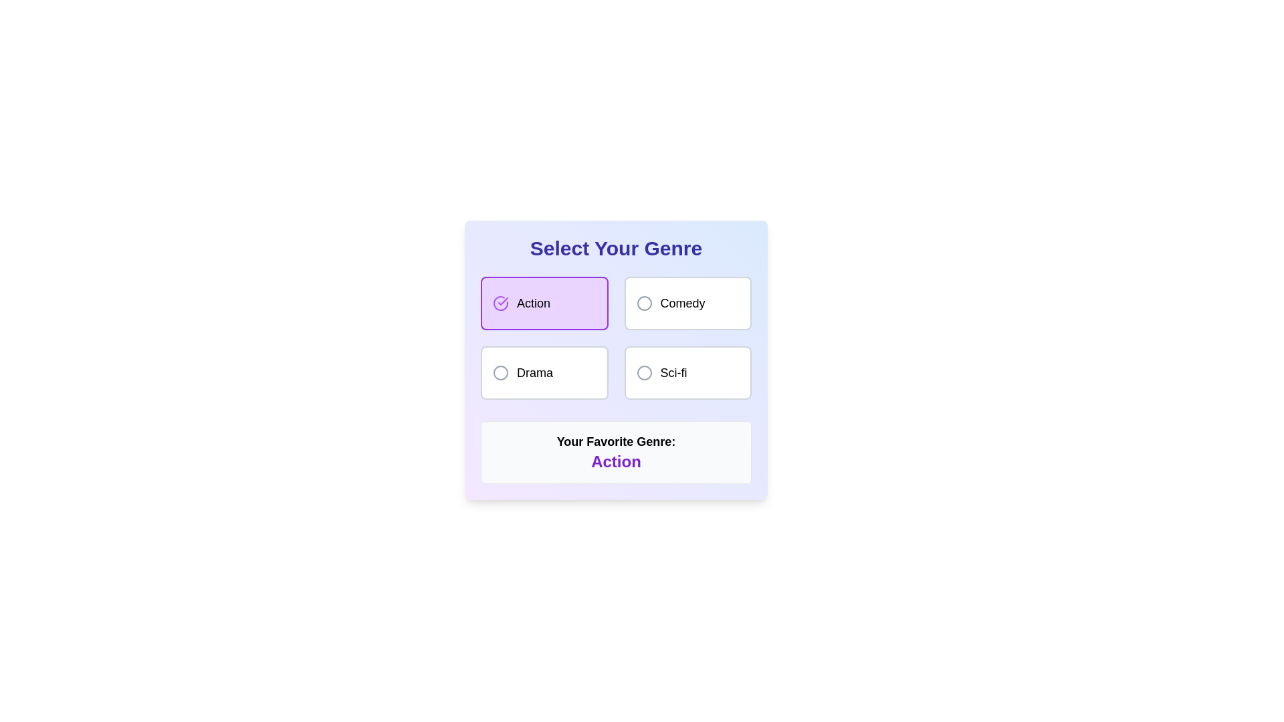 This screenshot has height=722, width=1284. Describe the element at coordinates (544, 373) in the screenshot. I see `the 'Drama' genre radio button located in the second row and first column of the grid layout` at that location.